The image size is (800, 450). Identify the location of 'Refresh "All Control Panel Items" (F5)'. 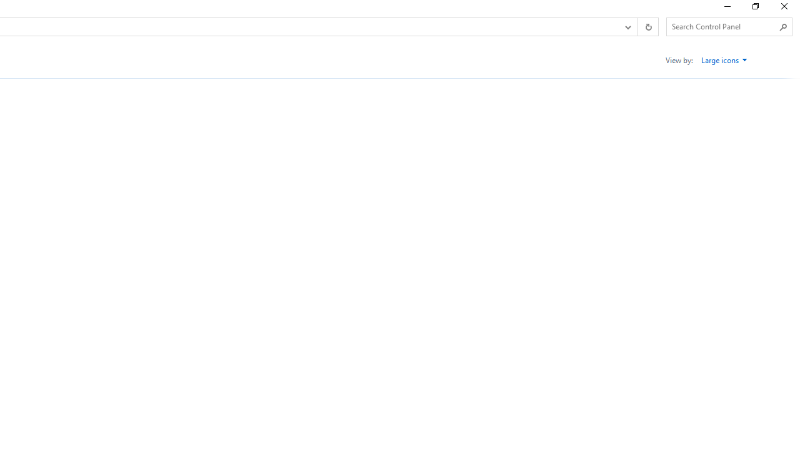
(647, 27).